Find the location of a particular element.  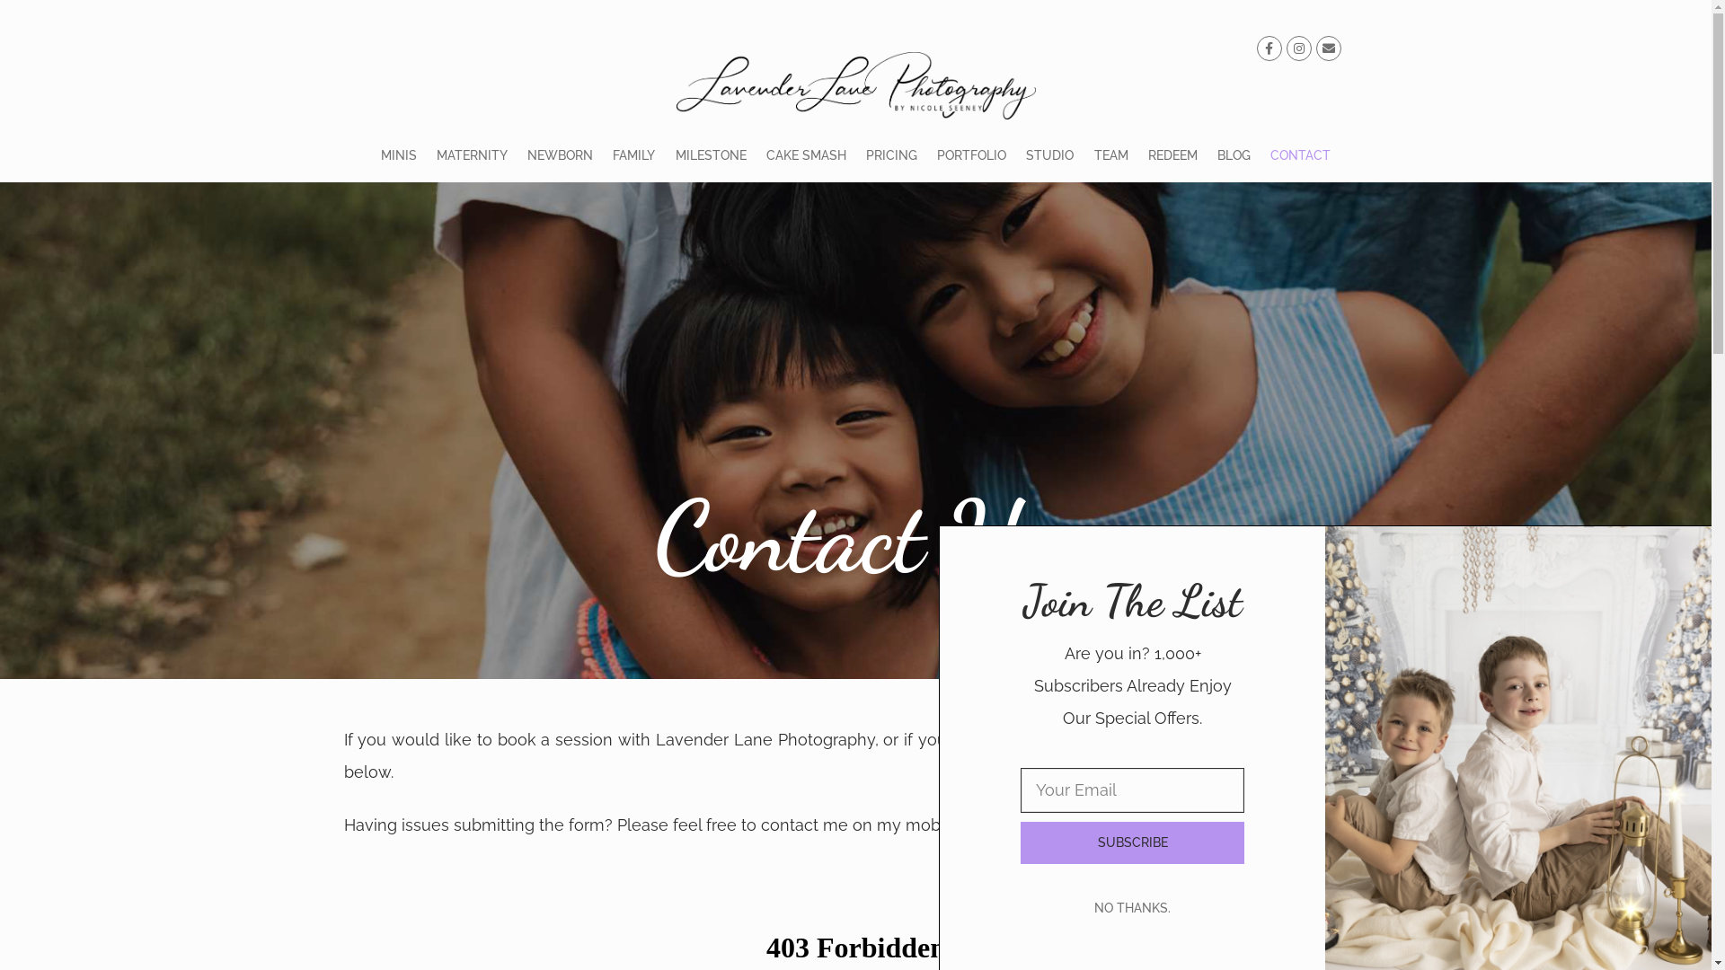

'TEAM' is located at coordinates (1110, 154).